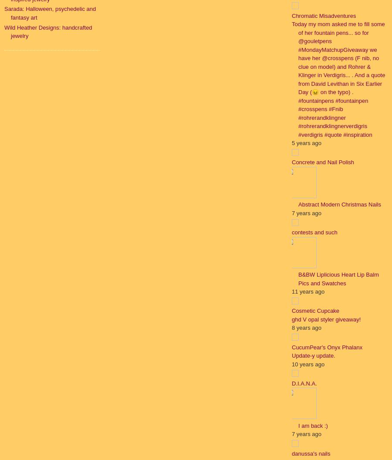  What do you see at coordinates (326, 347) in the screenshot?
I see `'CucumPear's Onyx Phalanx'` at bounding box center [326, 347].